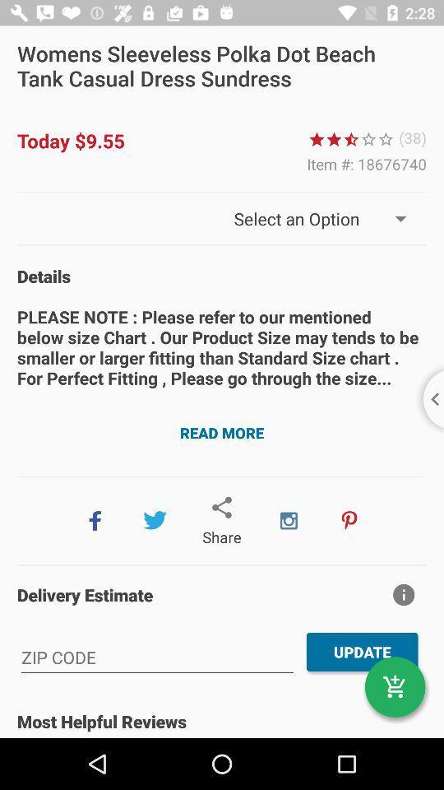  What do you see at coordinates (363, 652) in the screenshot?
I see `update` at bounding box center [363, 652].